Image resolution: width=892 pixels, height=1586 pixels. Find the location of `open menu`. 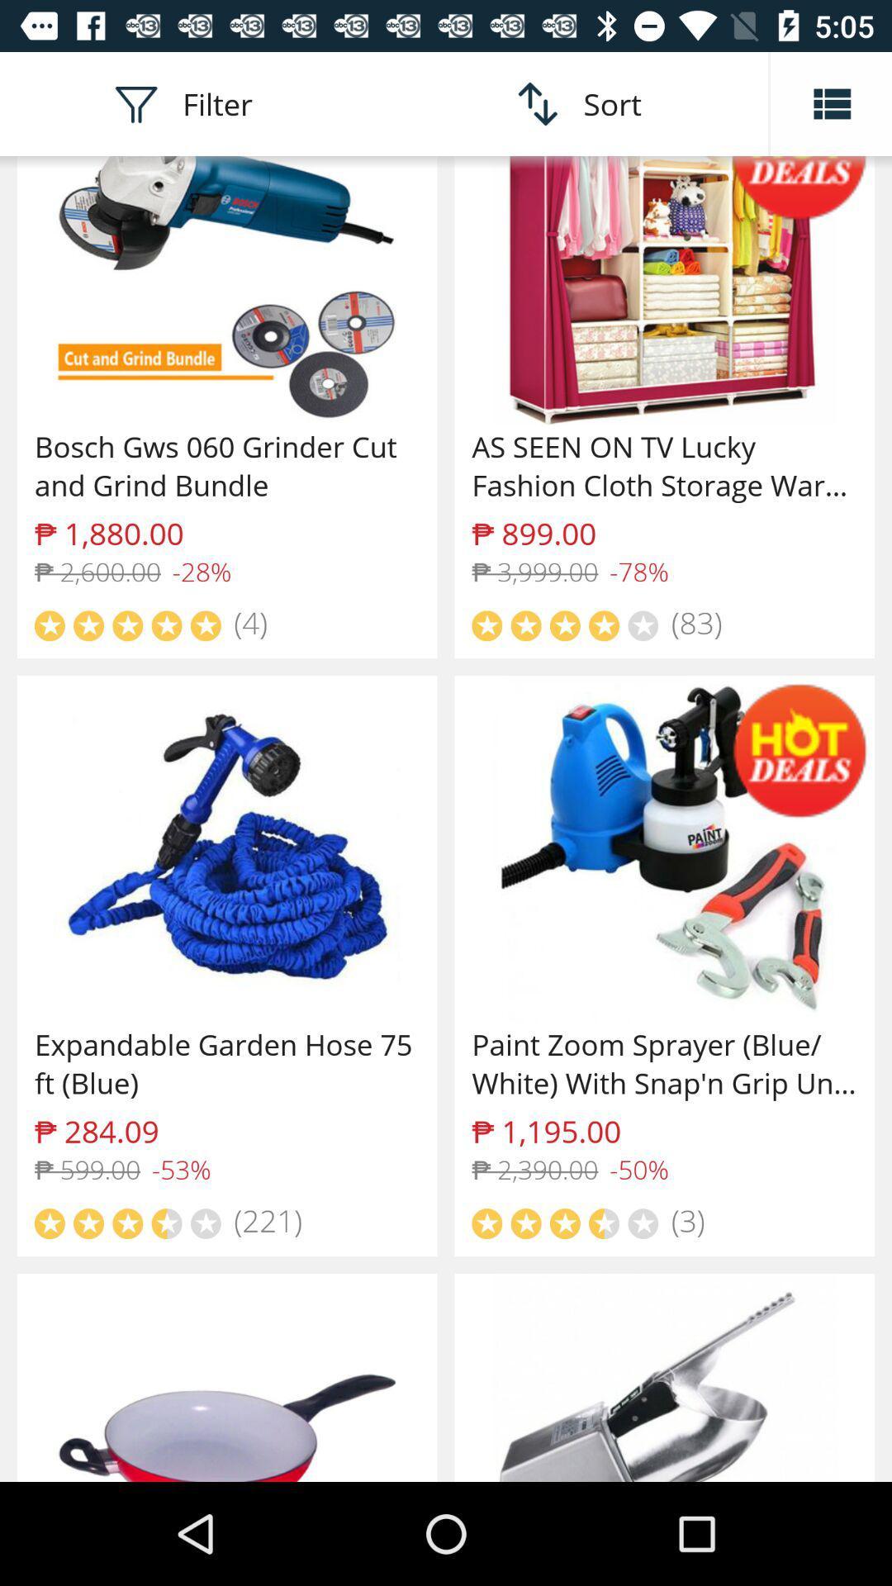

open menu is located at coordinates (831, 102).